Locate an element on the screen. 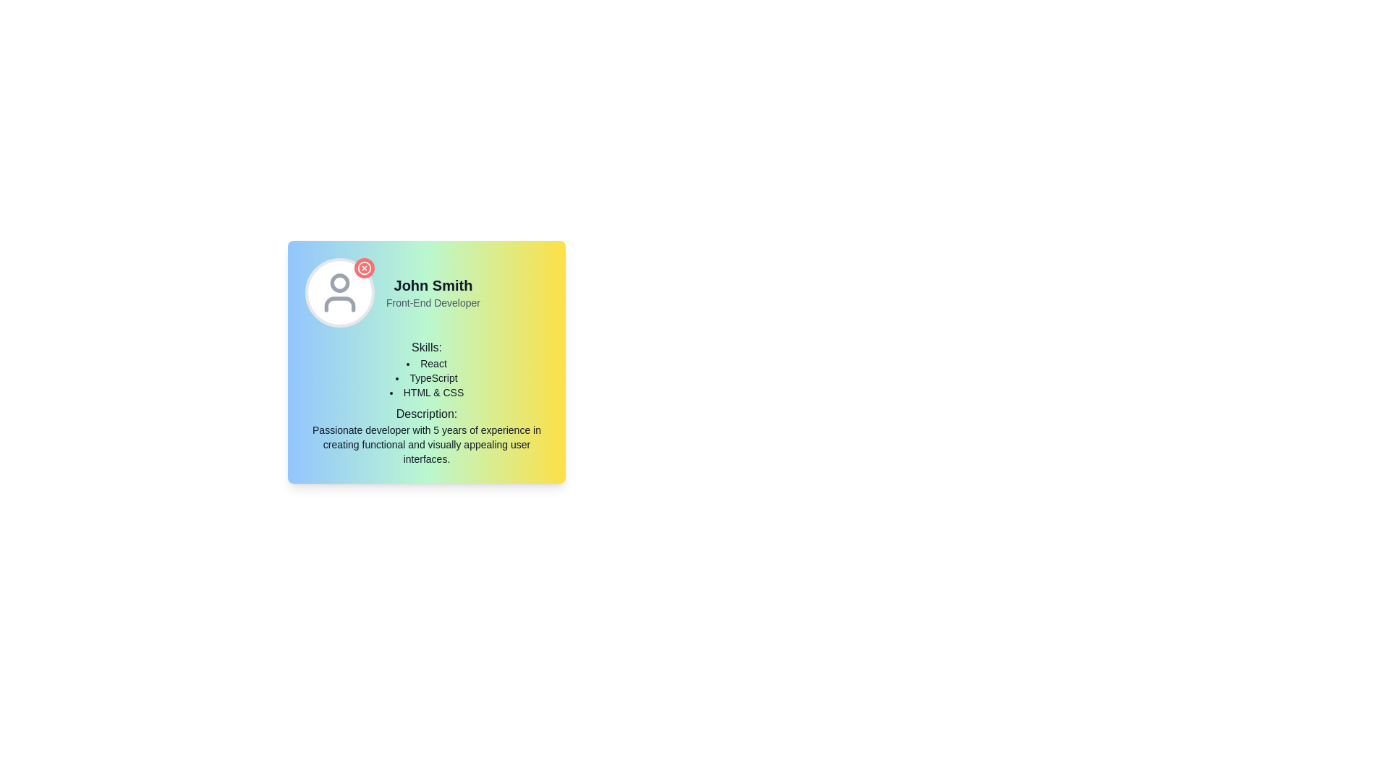 The width and height of the screenshot is (1389, 781). text content of the first bullet list item under the 'Skills' heading that displays the 'React' skill of the profile owner is located at coordinates (426, 362).